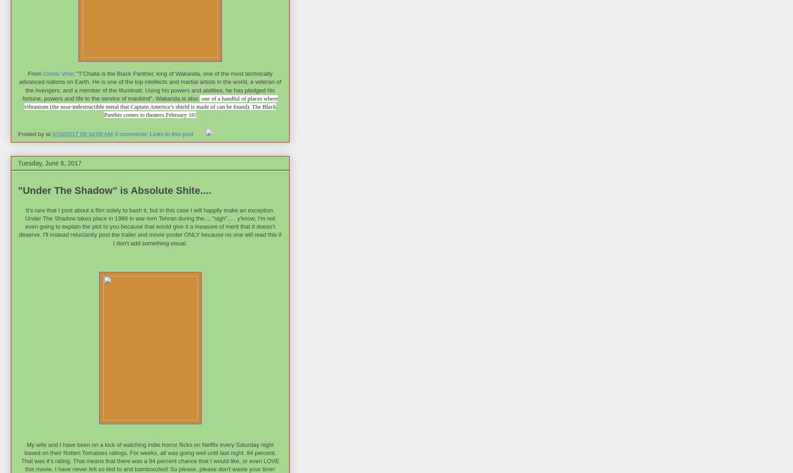 This screenshot has height=473, width=793. I want to click on 'Posted by', so click(18, 133).